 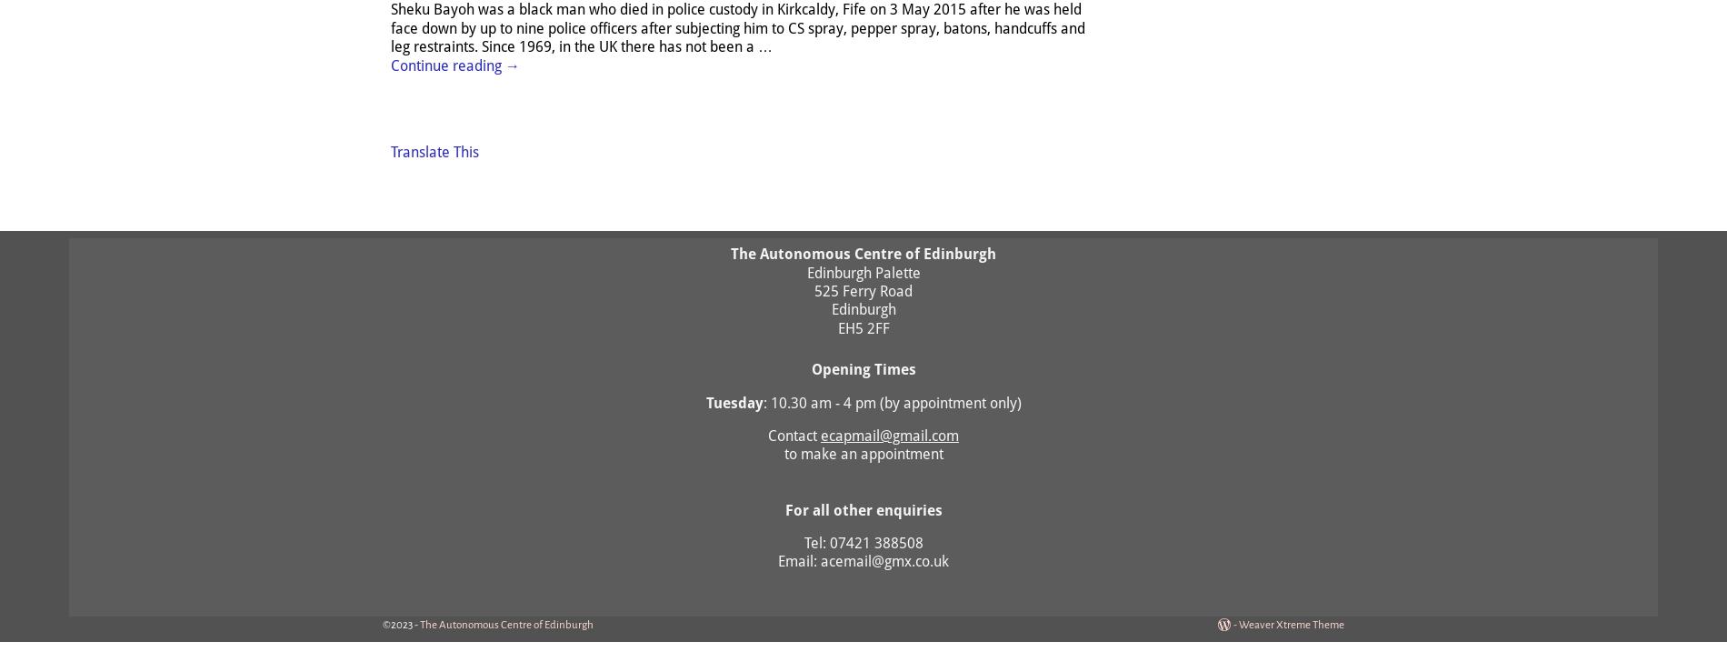 What do you see at coordinates (890, 435) in the screenshot?
I see `'ecapmail@gmail.com'` at bounding box center [890, 435].